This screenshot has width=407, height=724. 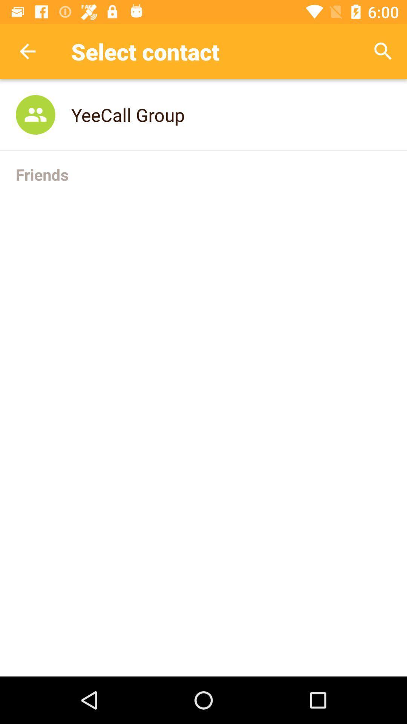 I want to click on app to the left of the select contact app, so click(x=27, y=51).